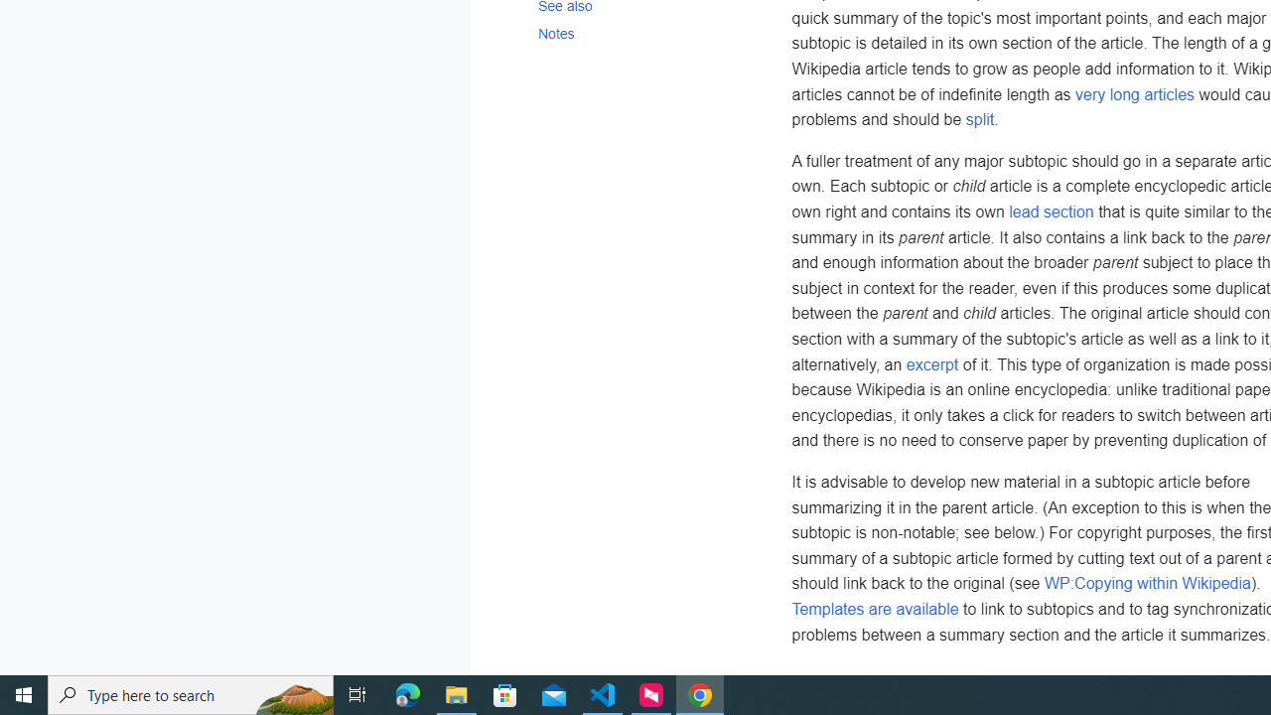 The height and width of the screenshot is (715, 1271). What do you see at coordinates (1135, 93) in the screenshot?
I see `'very long articles'` at bounding box center [1135, 93].